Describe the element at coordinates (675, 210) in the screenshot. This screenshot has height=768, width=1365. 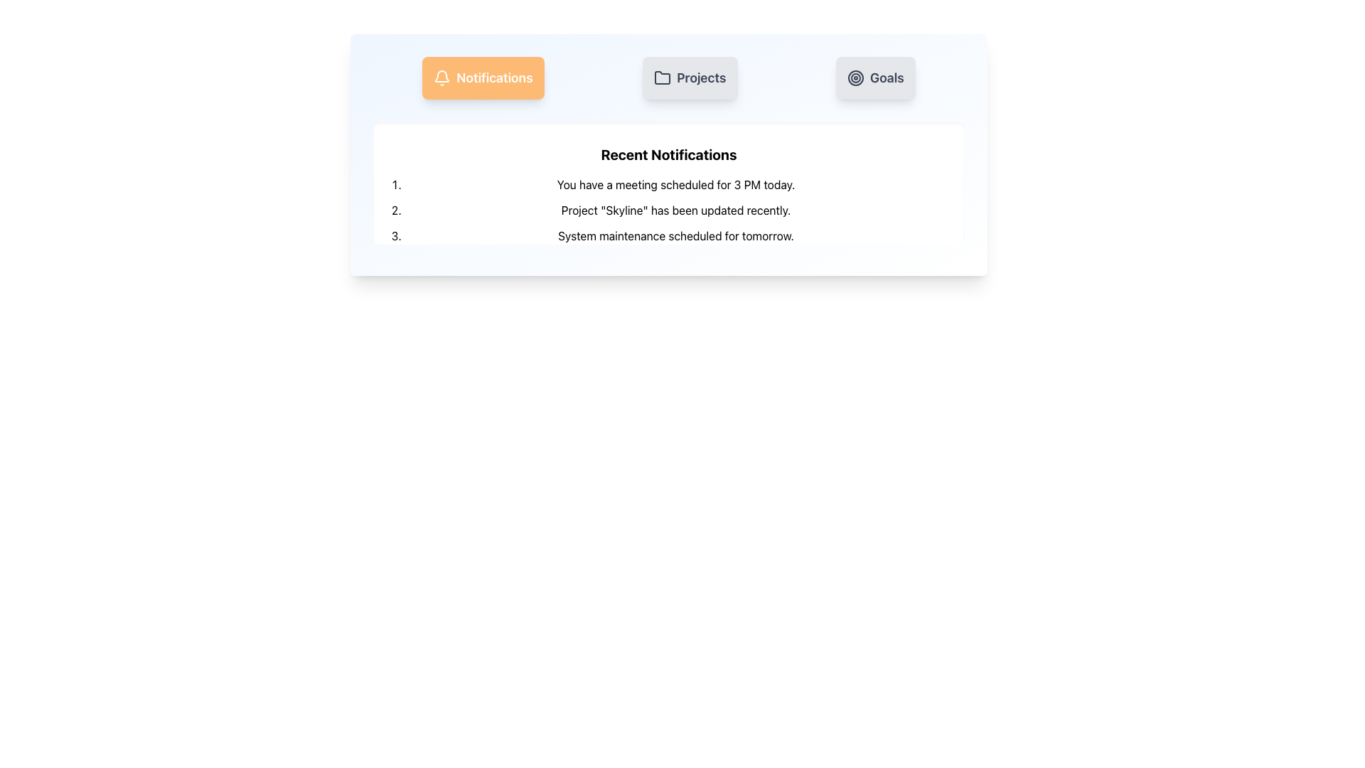
I see `non-interactive text line that serves as a notification about a recent update related to 'Project "Skyline"', which is the second item in the 'Recent Notifications' list` at that location.